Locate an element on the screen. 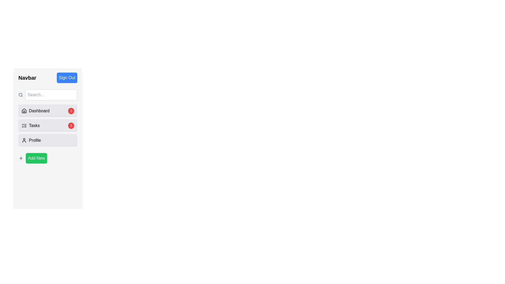  the search icon located at the top of the vertical navigation panel, which indicates the search functionality of the adjacent input field is located at coordinates (21, 95).